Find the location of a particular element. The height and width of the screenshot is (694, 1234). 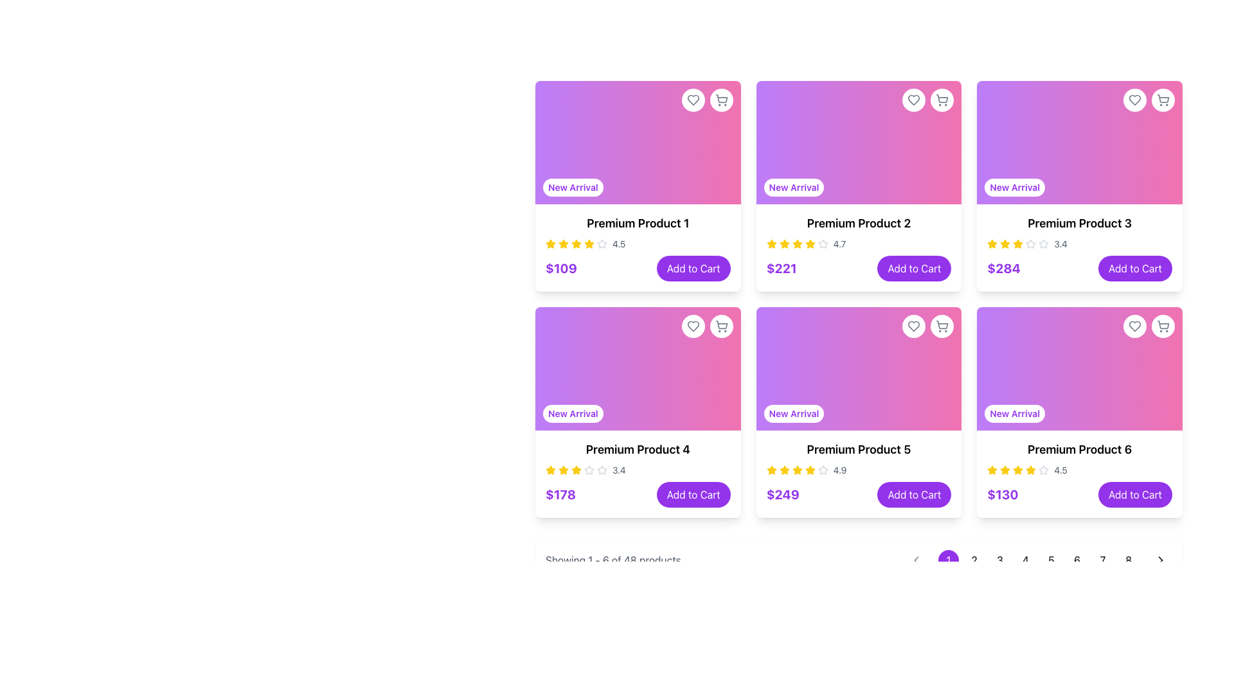

the star icon representing the first star in the rating row for 'Premium Product 4', which is a yellow star filled and visually distinct in the product card's rating system is located at coordinates (564, 470).